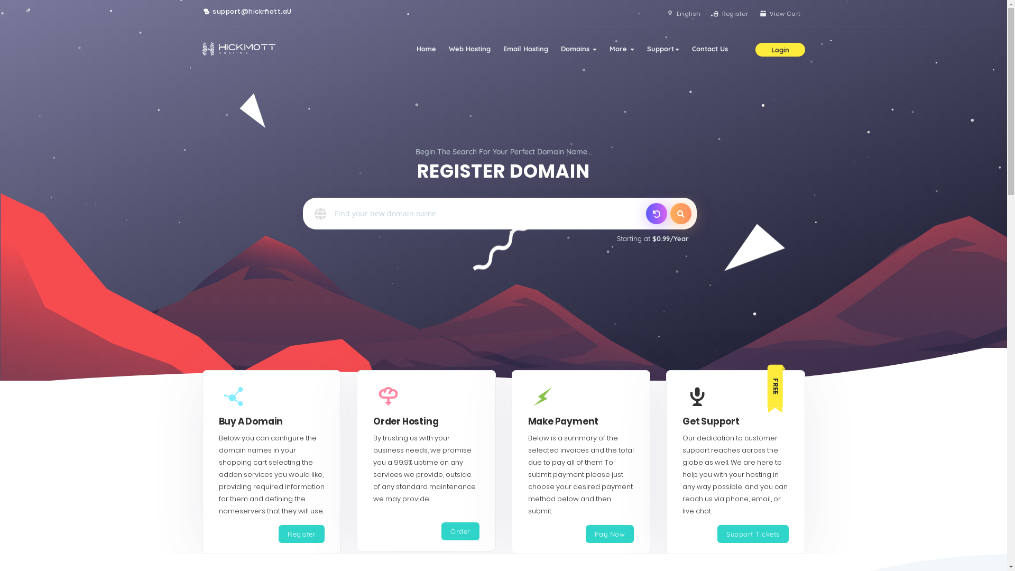  Describe the element at coordinates (753, 14) in the screenshot. I see `'View Cart'` at that location.